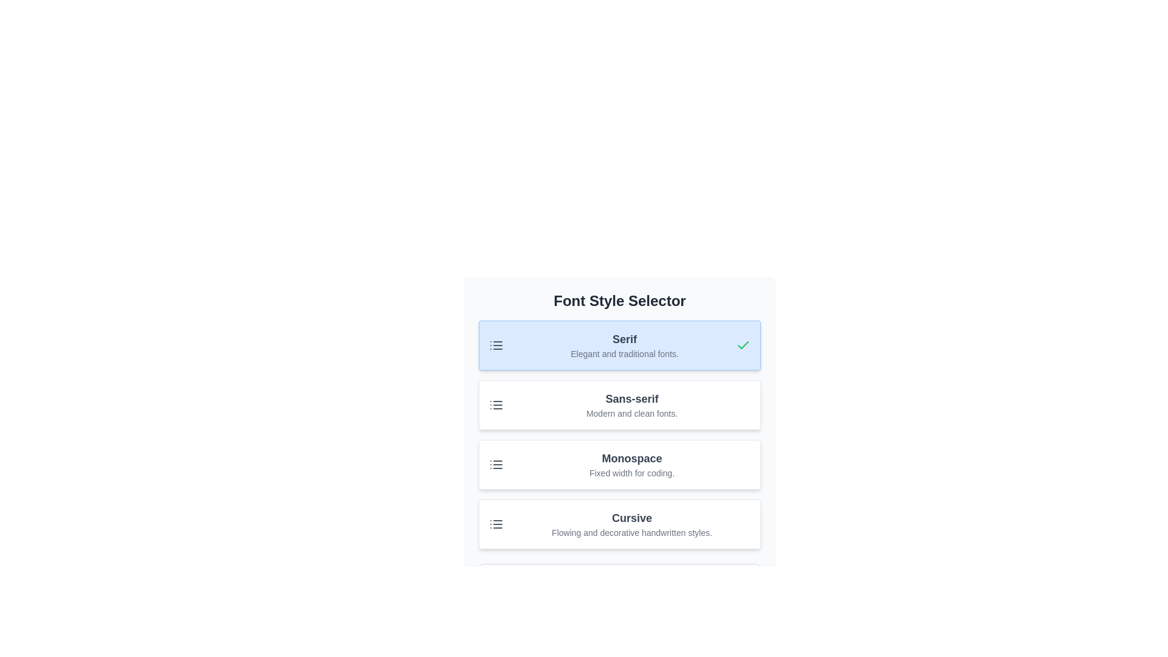 This screenshot has width=1168, height=657. Describe the element at coordinates (631, 518) in the screenshot. I see `text from the 'Cursive' text label which is prominently displayed in bold dark gray font at the top of the 'Cursive' option block within the font style selector interface` at that location.